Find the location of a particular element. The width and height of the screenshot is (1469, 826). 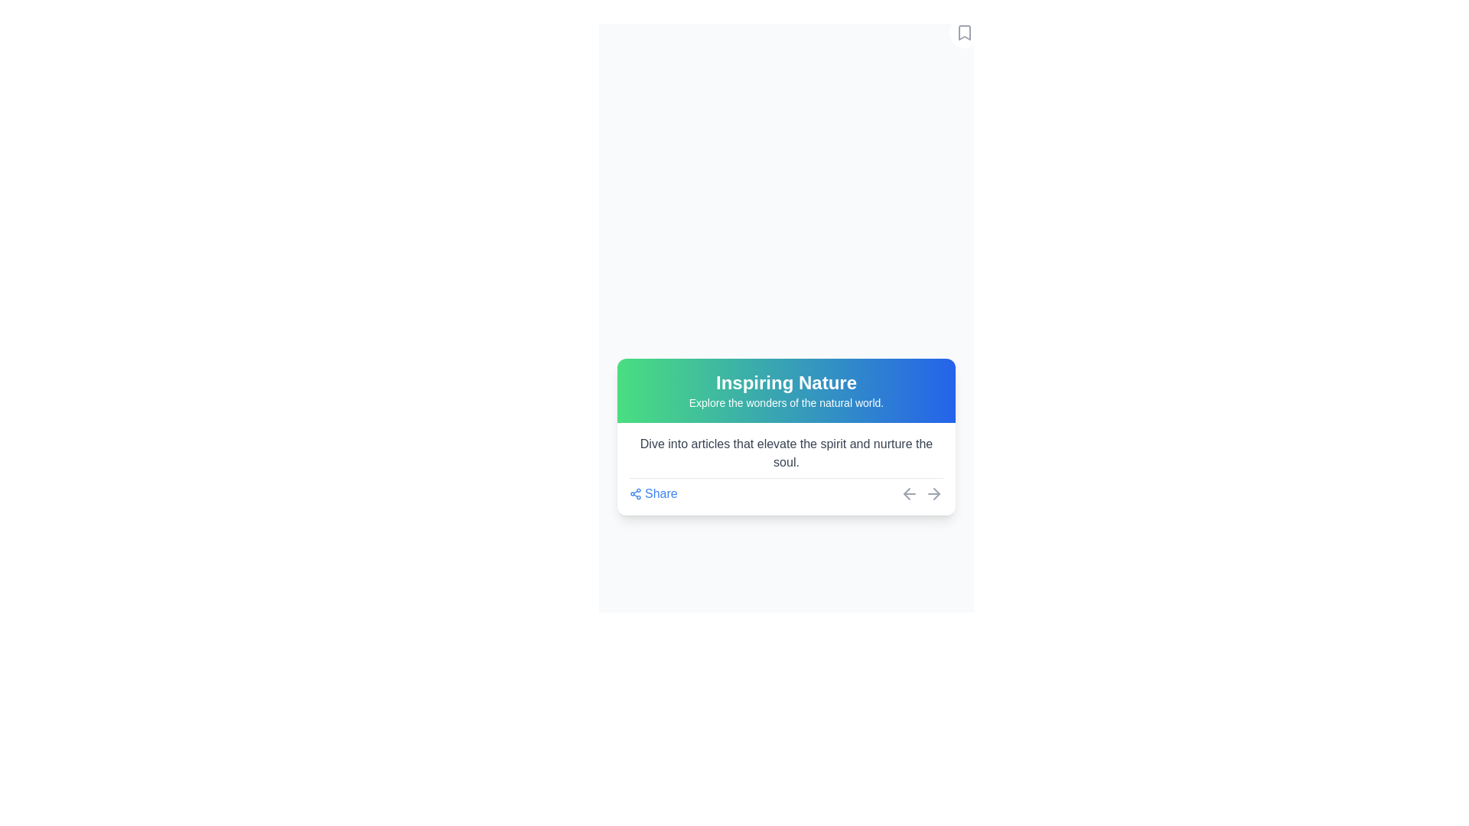

the share icon, which is a small blue icon resembling a share symbol made of three connected circles, located to the left of the text 'Share' at the bottom-left corner of the 'Inspiring Nature' card is located at coordinates (635, 493).